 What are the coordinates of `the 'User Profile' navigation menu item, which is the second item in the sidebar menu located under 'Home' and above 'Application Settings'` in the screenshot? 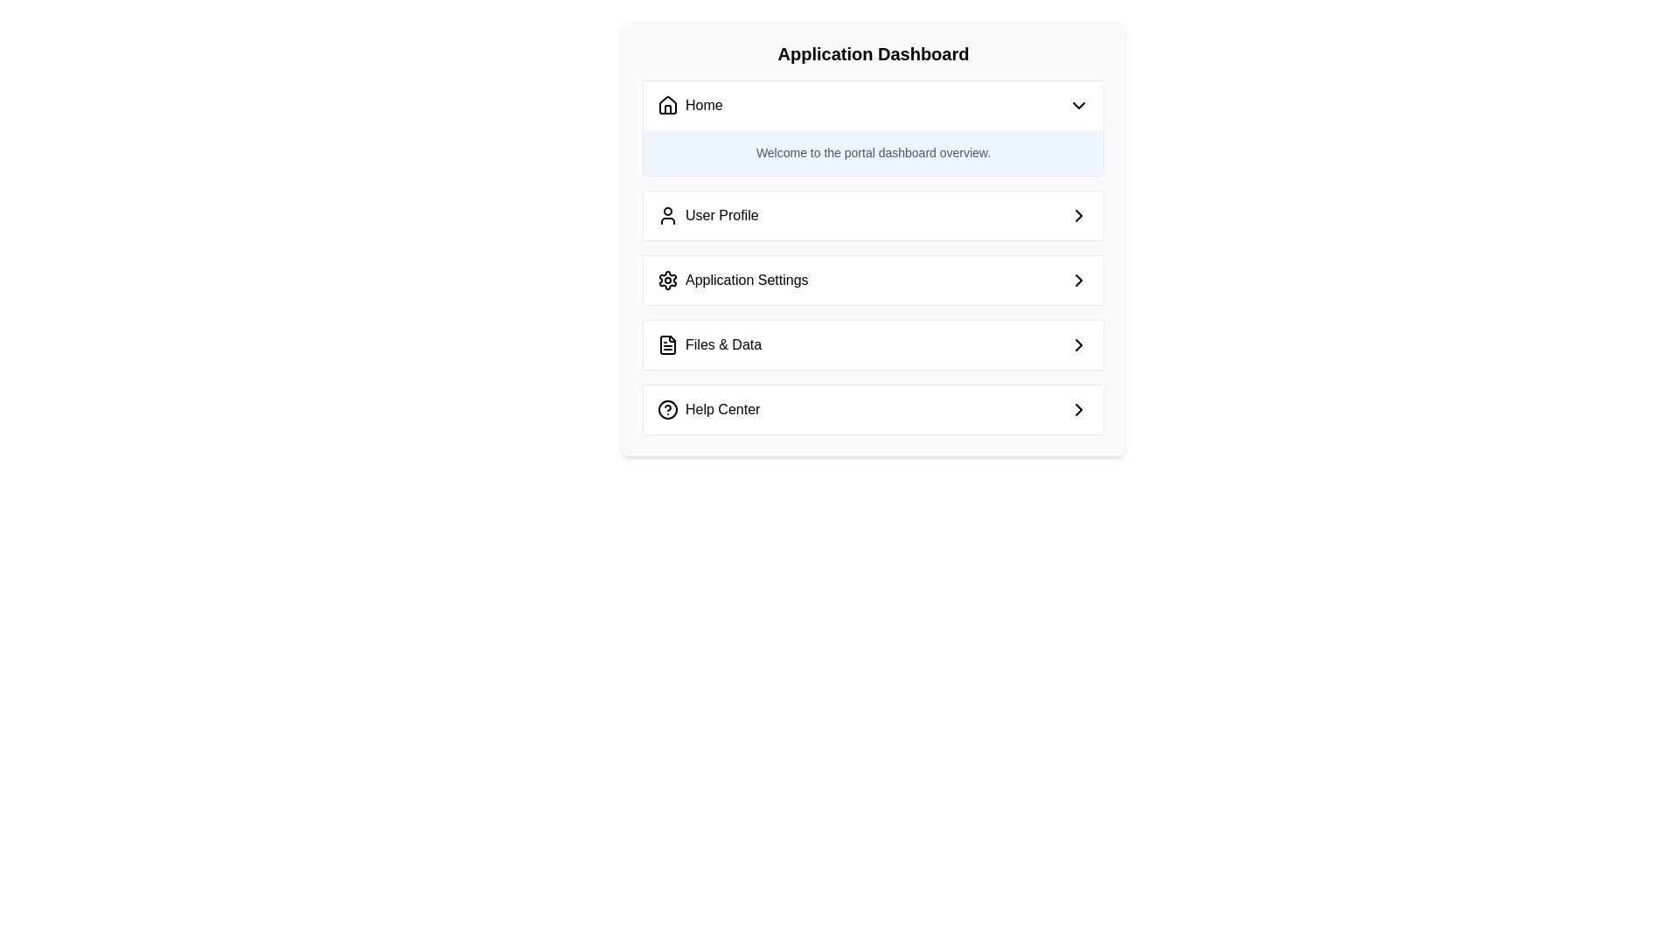 It's located at (707, 214).